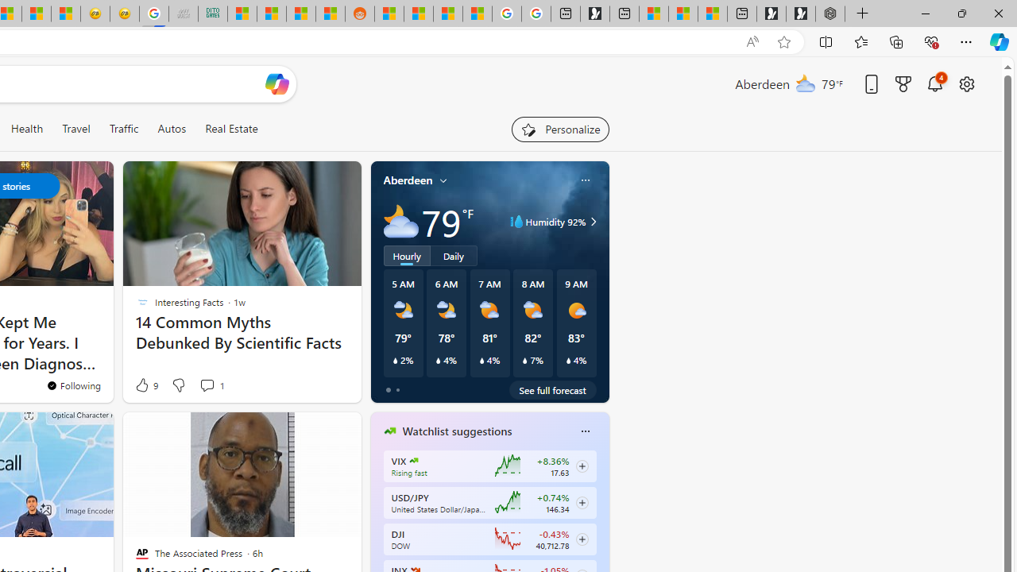  What do you see at coordinates (568, 360) in the screenshot?
I see `'Class: weather-current-precipitation-glyph'` at bounding box center [568, 360].